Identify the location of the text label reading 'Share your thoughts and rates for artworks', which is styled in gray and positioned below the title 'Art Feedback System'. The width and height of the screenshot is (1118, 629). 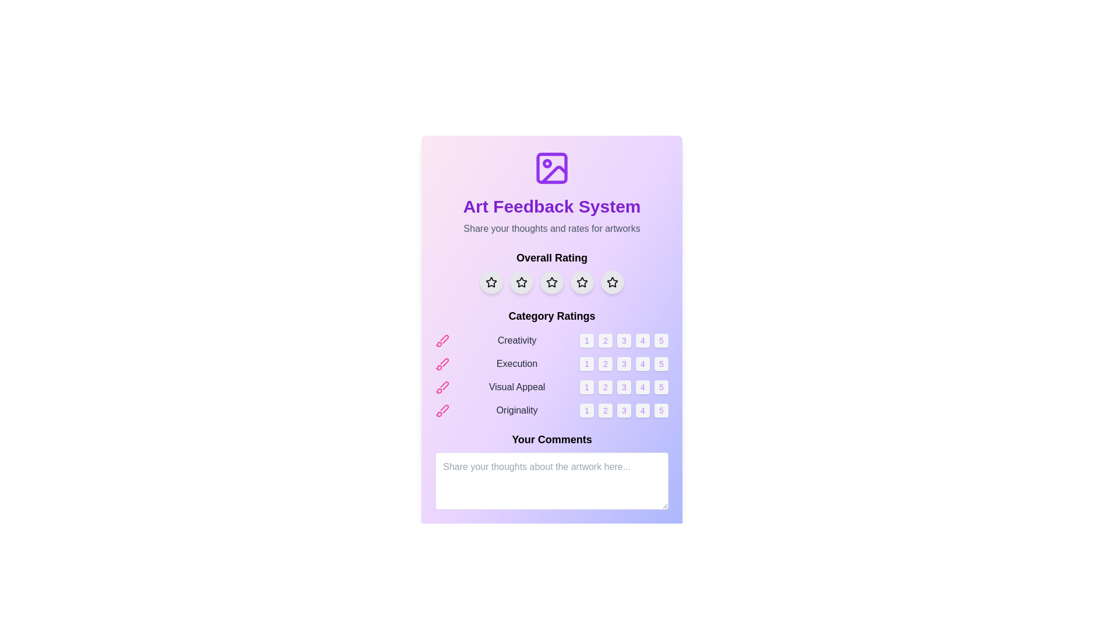
(551, 229).